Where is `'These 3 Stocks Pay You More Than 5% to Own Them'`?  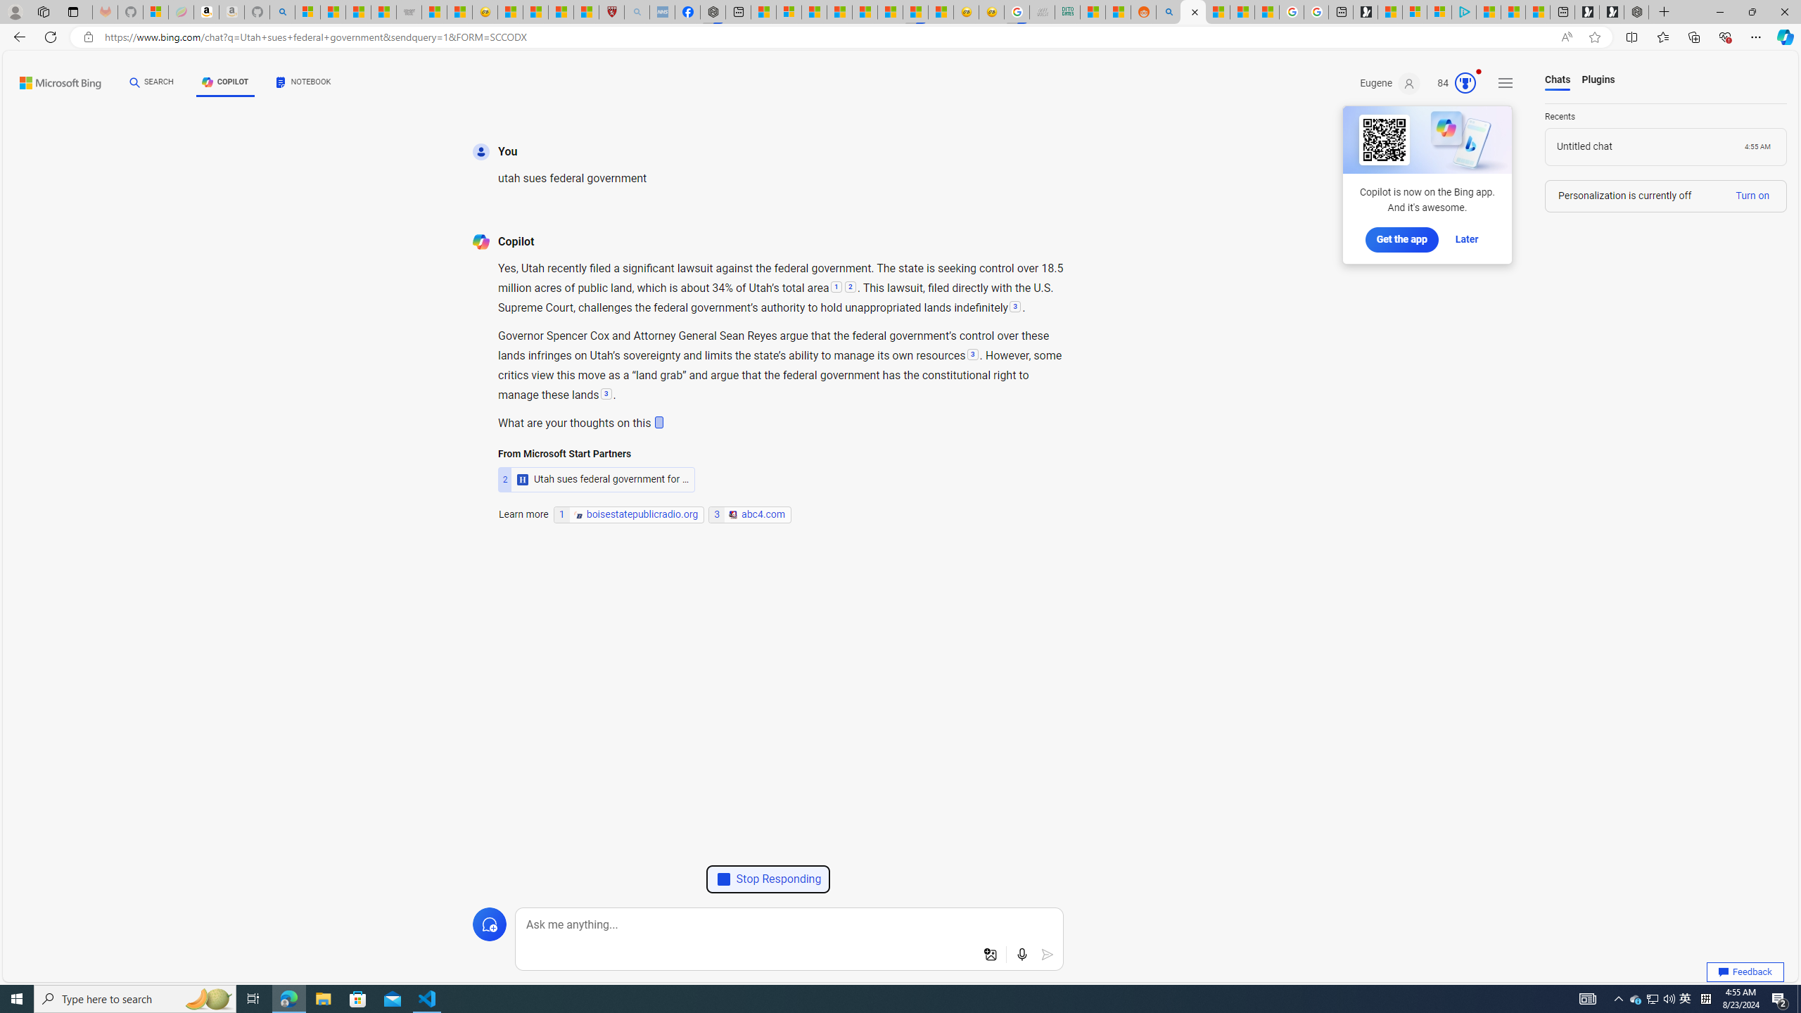 'These 3 Stocks Pay You More Than 5% to Own Them' is located at coordinates (1537, 11).